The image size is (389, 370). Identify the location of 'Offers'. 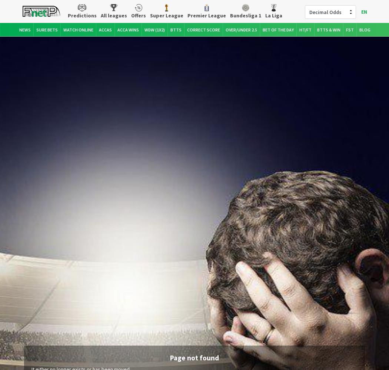
(137, 15).